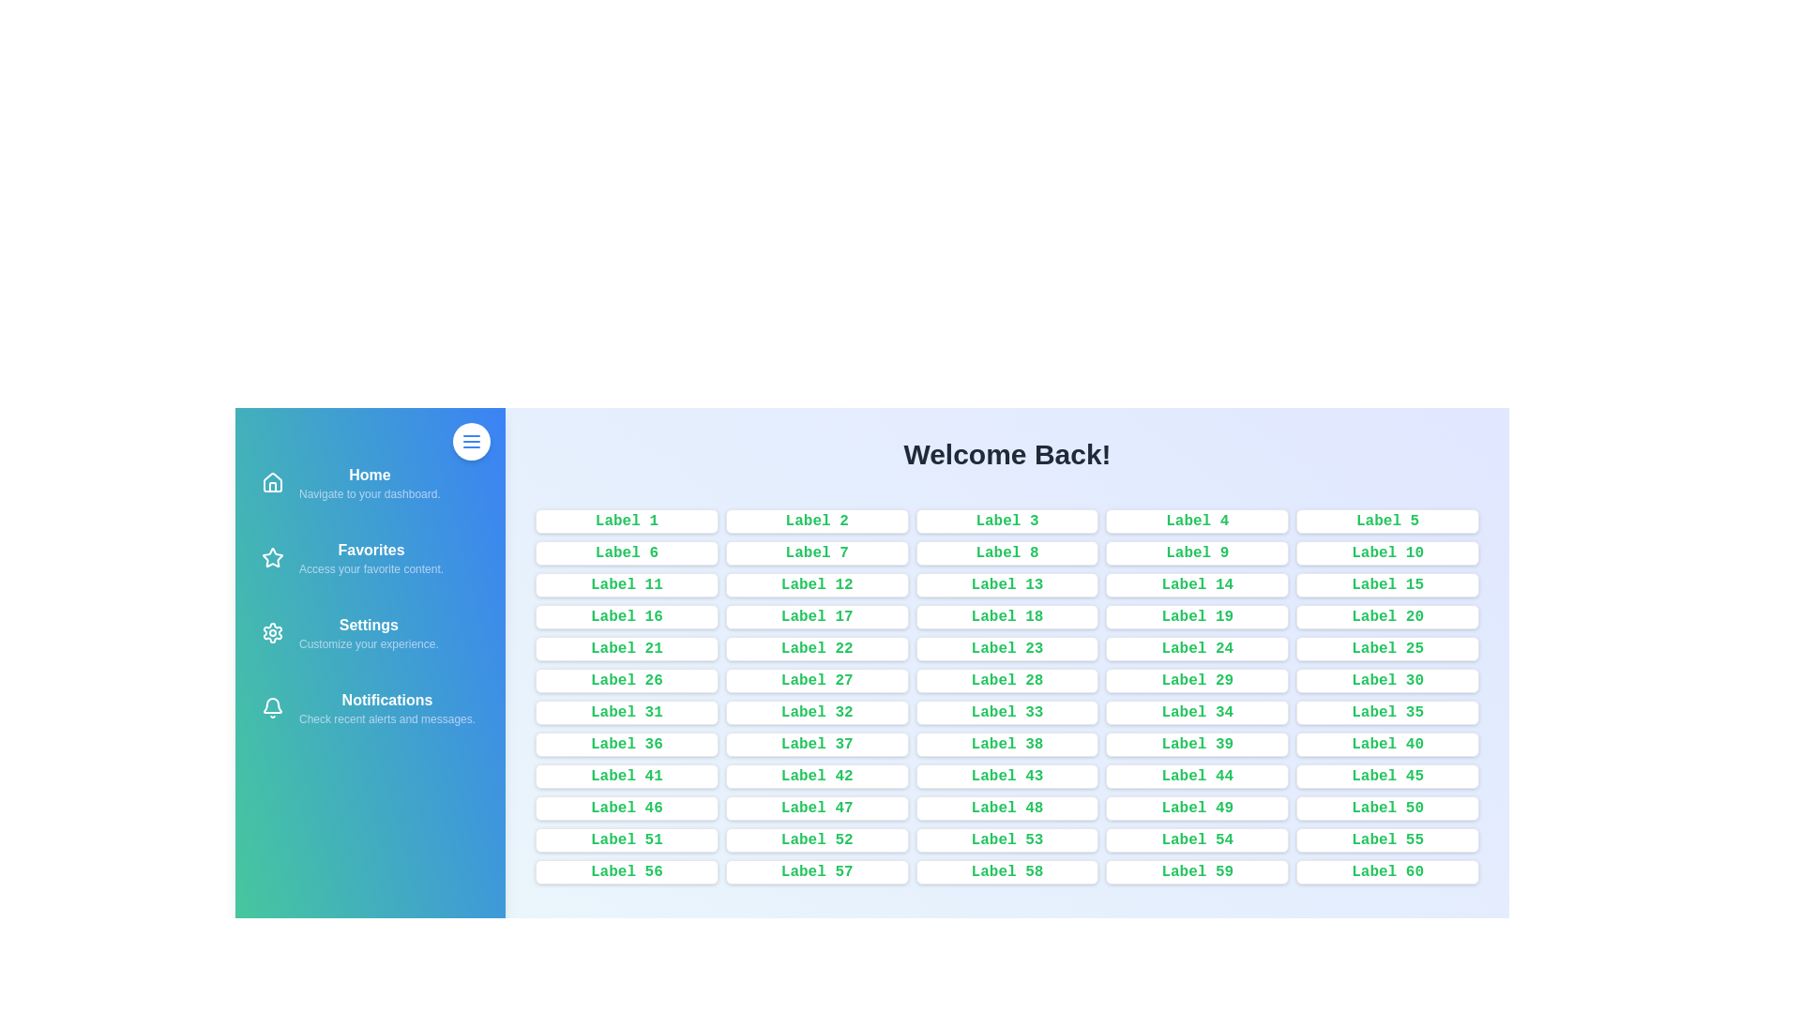 This screenshot has width=1801, height=1013. Describe the element at coordinates (370, 633) in the screenshot. I see `the navigation item Settings to navigate to the corresponding section` at that location.